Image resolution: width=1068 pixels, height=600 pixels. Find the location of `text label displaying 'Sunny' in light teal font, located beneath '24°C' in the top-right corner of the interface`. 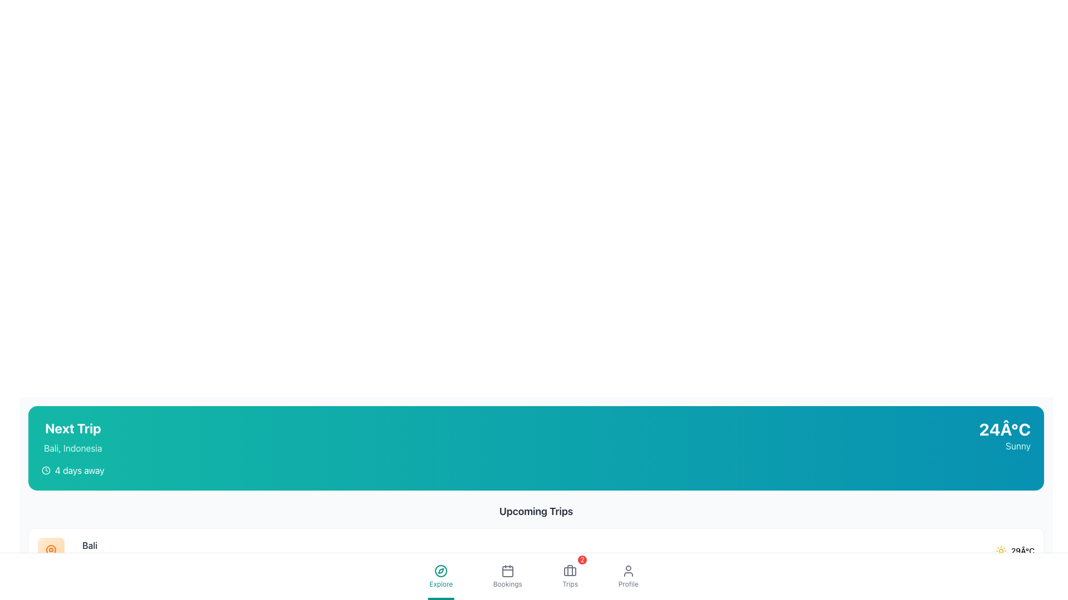

text label displaying 'Sunny' in light teal font, located beneath '24°C' in the top-right corner of the interface is located at coordinates (1005, 445).